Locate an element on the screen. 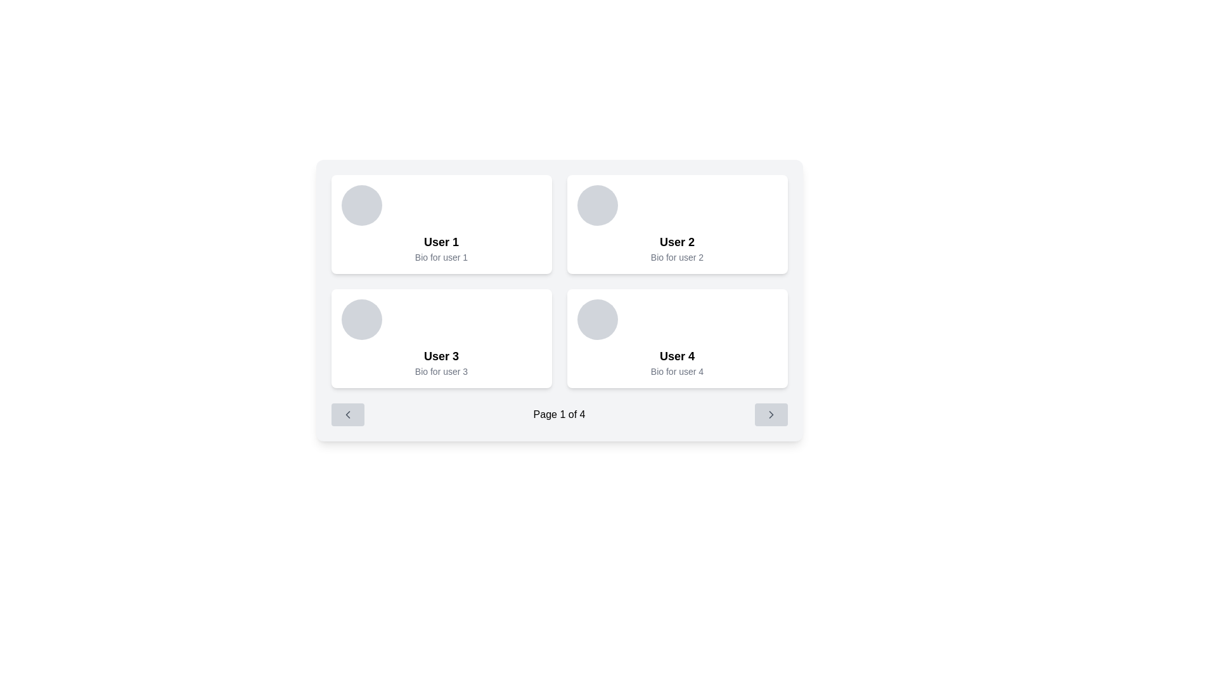  the text label displaying 'Bio for user 3' located within the user profile card for 'User 3' is located at coordinates (441, 371).